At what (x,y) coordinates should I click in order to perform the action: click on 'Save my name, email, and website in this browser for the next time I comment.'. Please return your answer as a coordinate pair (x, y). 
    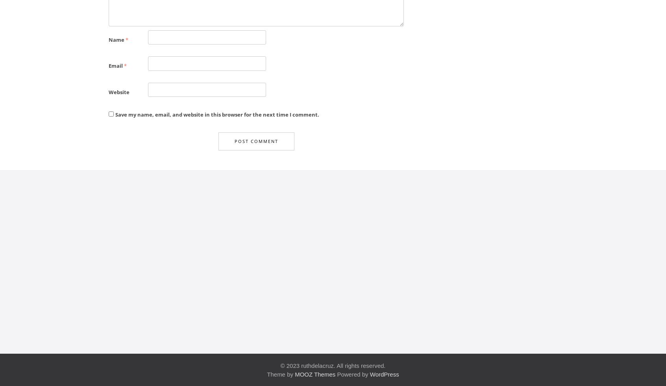
    Looking at the image, I should click on (217, 114).